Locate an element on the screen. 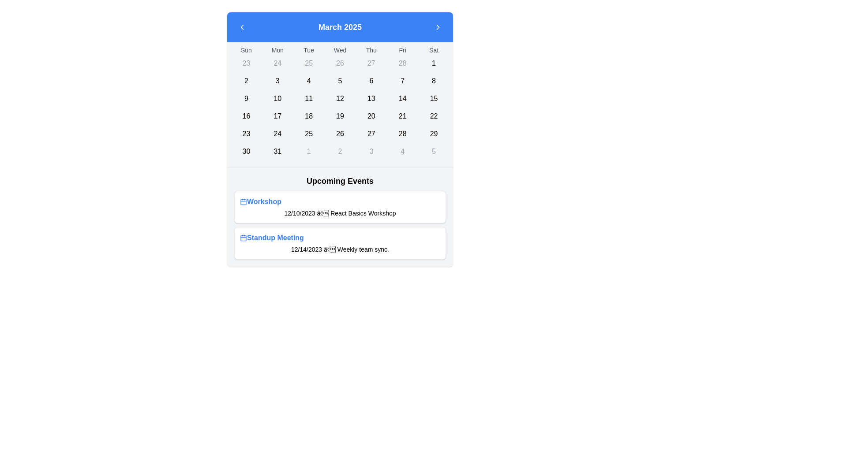  the rounded rectangular button labeled '24' is located at coordinates (277, 134).